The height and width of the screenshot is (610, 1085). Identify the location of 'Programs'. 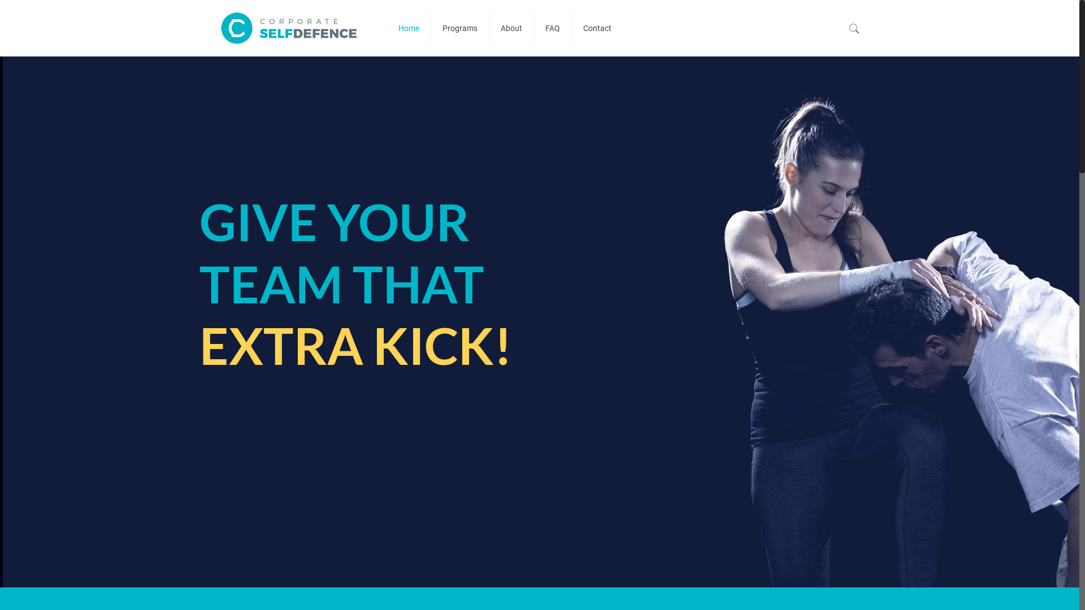
(460, 28).